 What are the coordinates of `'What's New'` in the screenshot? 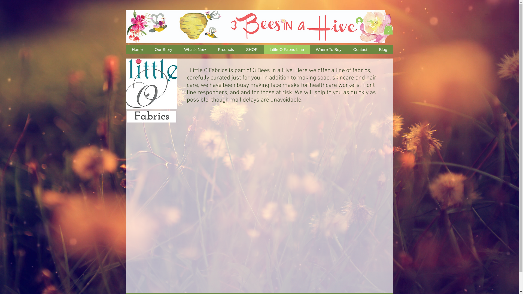 It's located at (178, 49).